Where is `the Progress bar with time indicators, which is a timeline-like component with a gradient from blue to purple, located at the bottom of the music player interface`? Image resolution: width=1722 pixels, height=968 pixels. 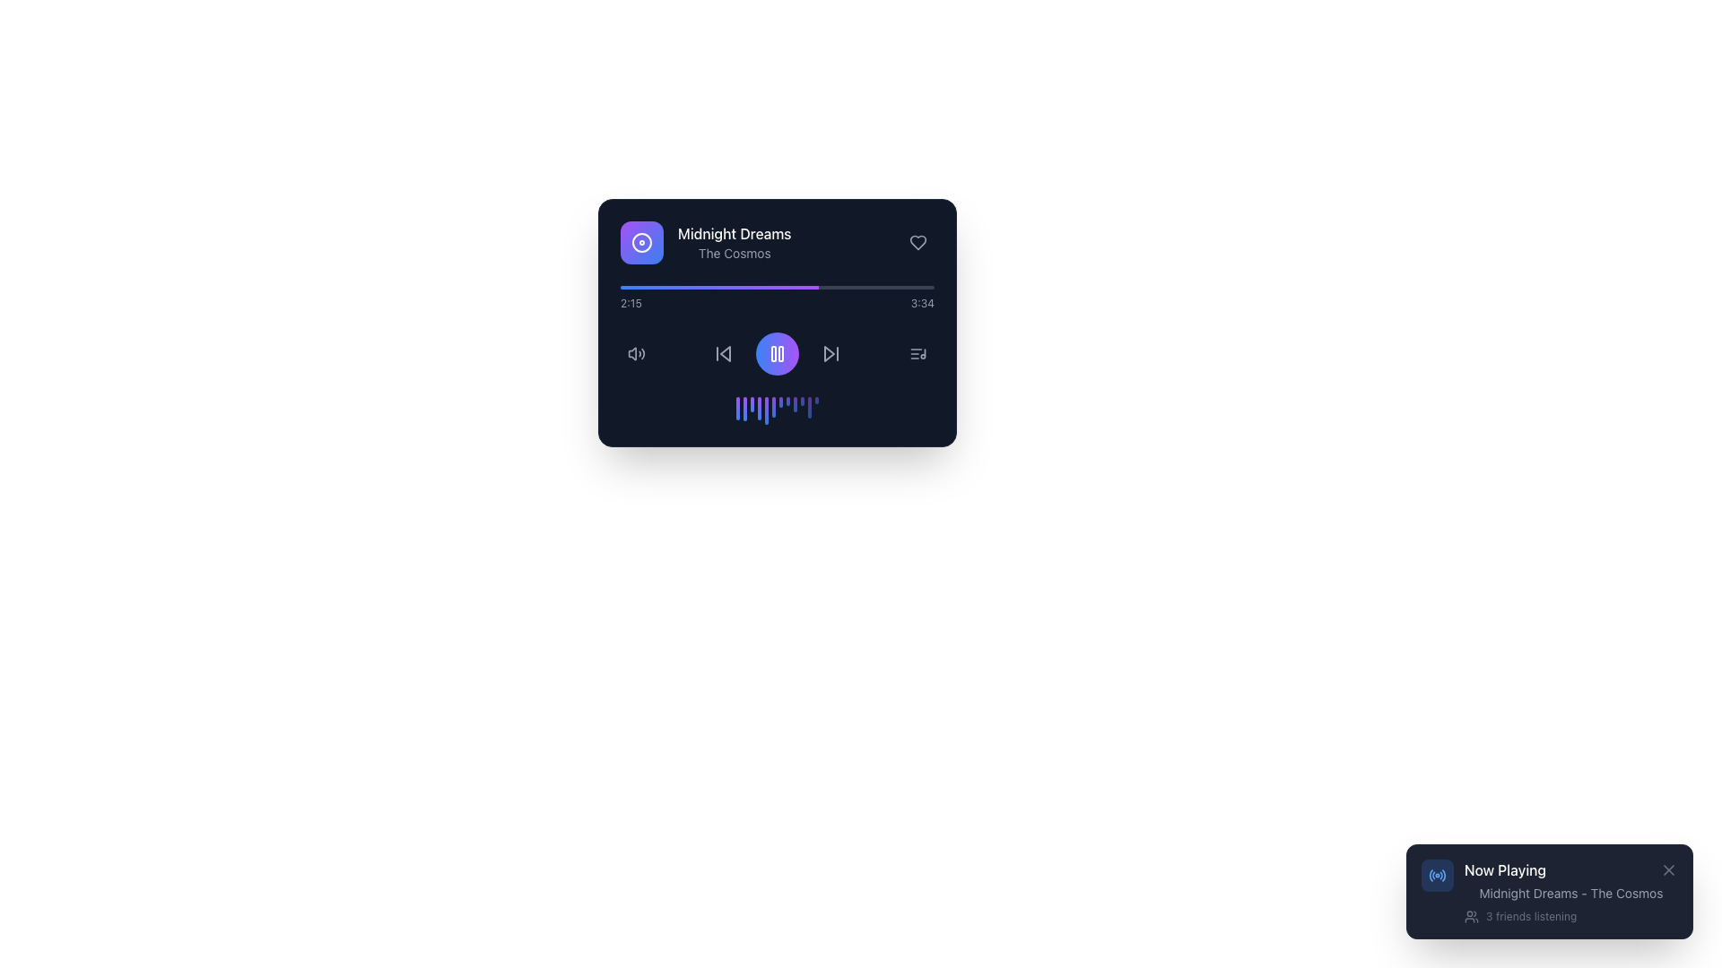
the Progress bar with time indicators, which is a timeline-like component with a gradient from blue to purple, located at the bottom of the music player interface is located at coordinates (778, 297).